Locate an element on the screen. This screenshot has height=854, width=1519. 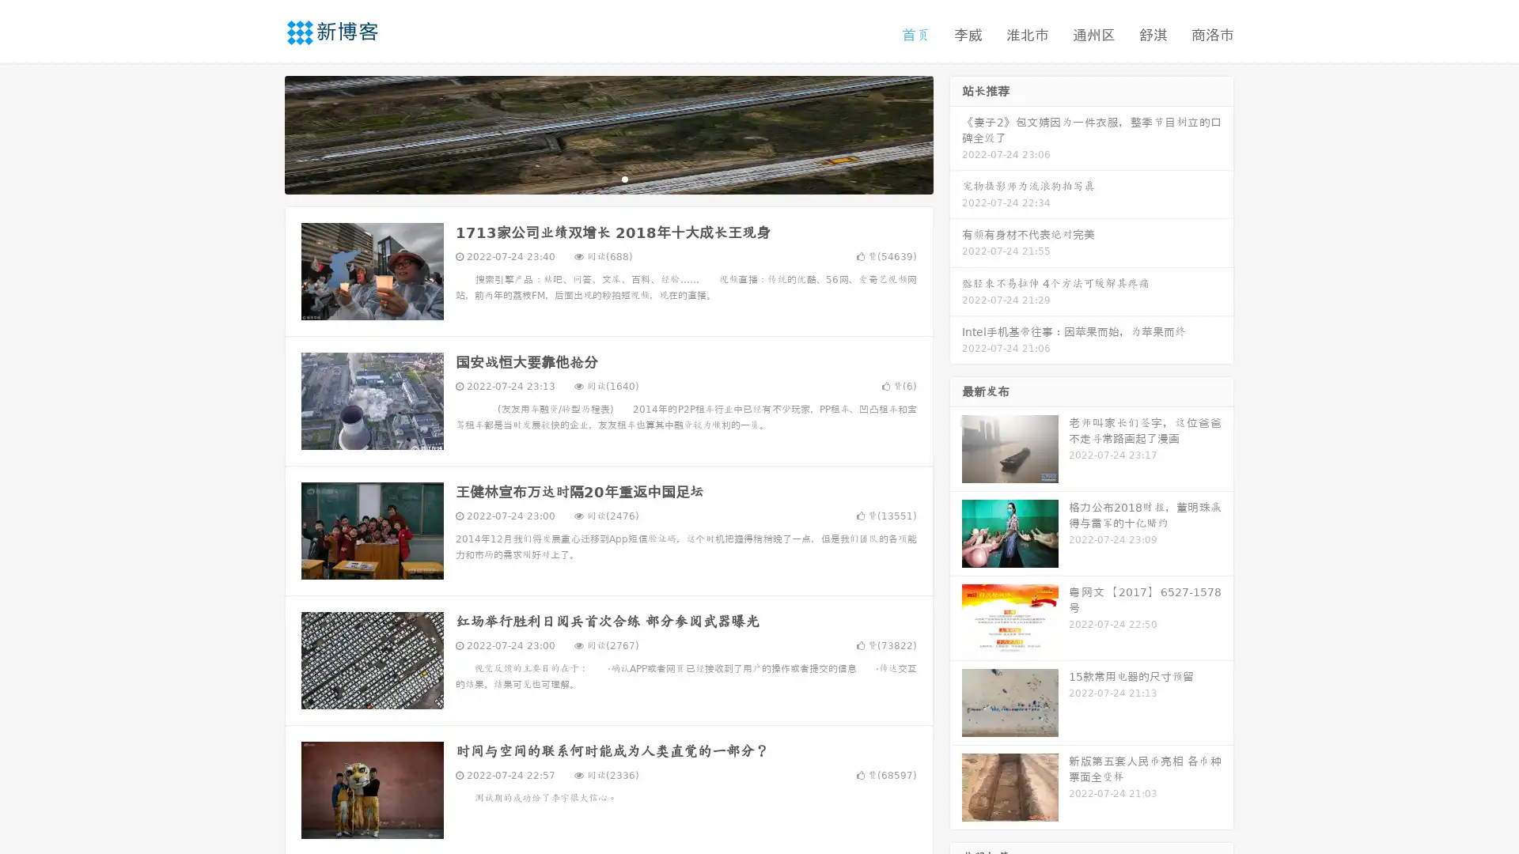
Go to slide 3 is located at coordinates (624, 178).